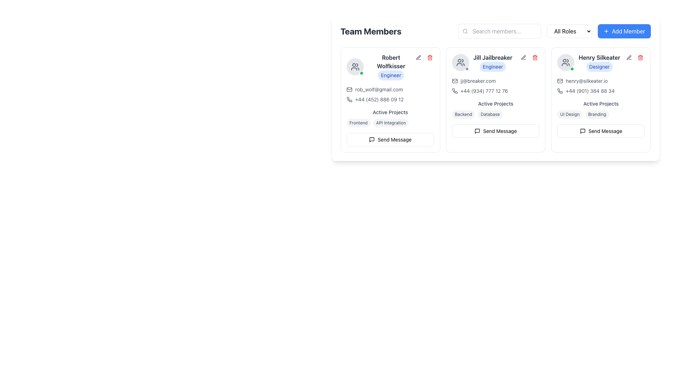 This screenshot has width=684, height=384. I want to click on the pen-shaped edit icon located in the top-right corner of Robert Wolfkisser's card to initiate editing, so click(418, 57).